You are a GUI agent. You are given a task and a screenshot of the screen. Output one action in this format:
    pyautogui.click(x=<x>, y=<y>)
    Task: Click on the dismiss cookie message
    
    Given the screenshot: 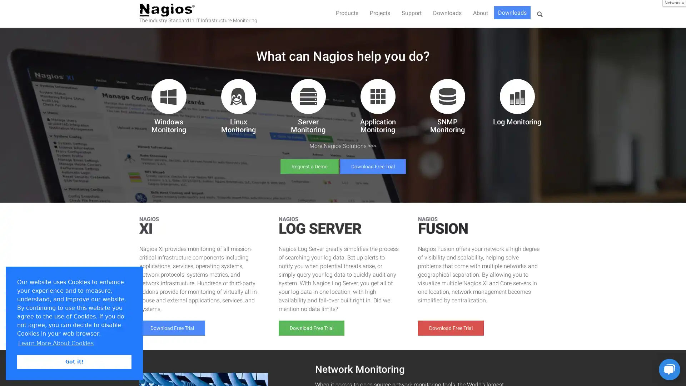 What is the action you would take?
    pyautogui.click(x=74, y=361)
    